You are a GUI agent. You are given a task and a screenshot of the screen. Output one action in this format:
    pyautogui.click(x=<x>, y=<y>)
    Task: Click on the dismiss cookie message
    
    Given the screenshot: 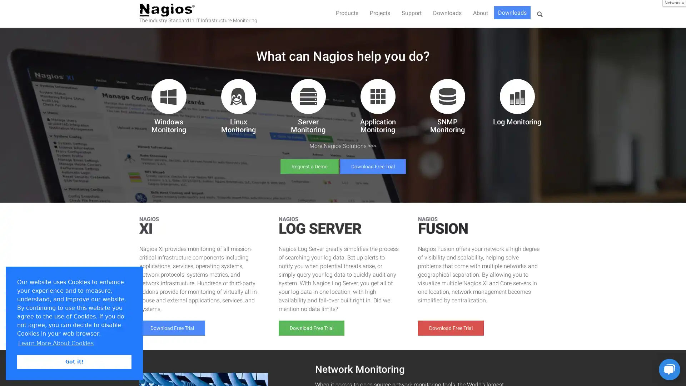 What is the action you would take?
    pyautogui.click(x=74, y=361)
    